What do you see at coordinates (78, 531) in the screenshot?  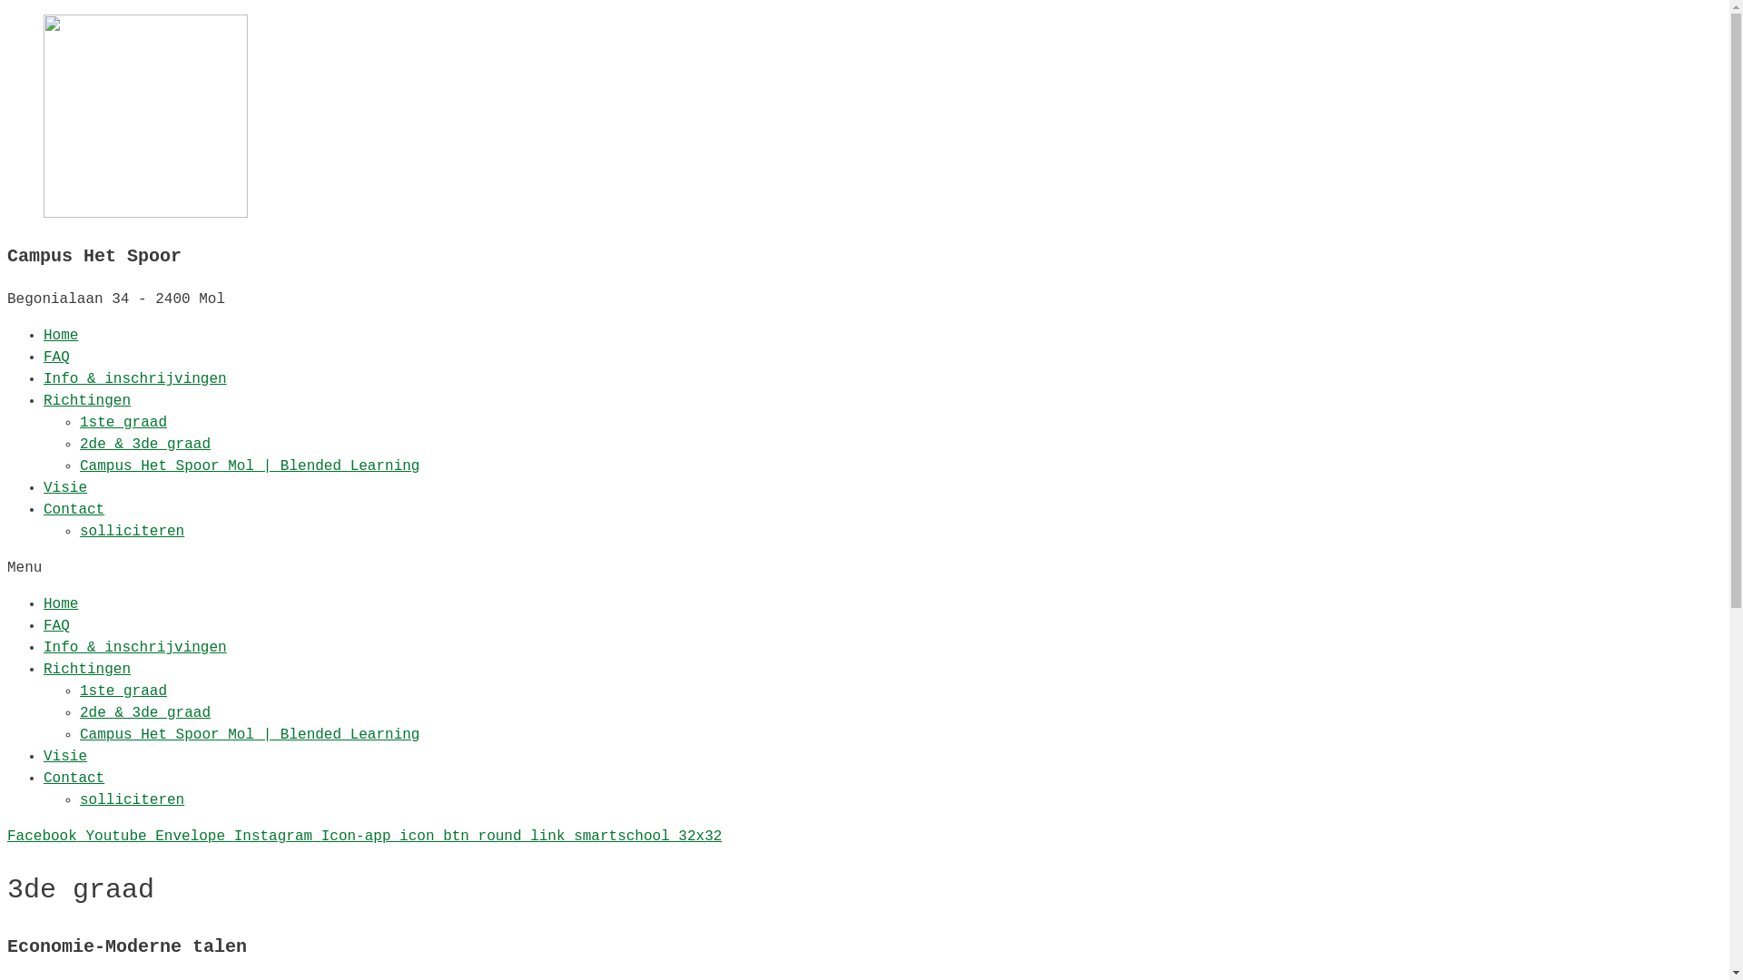 I see `'solliciteren'` at bounding box center [78, 531].